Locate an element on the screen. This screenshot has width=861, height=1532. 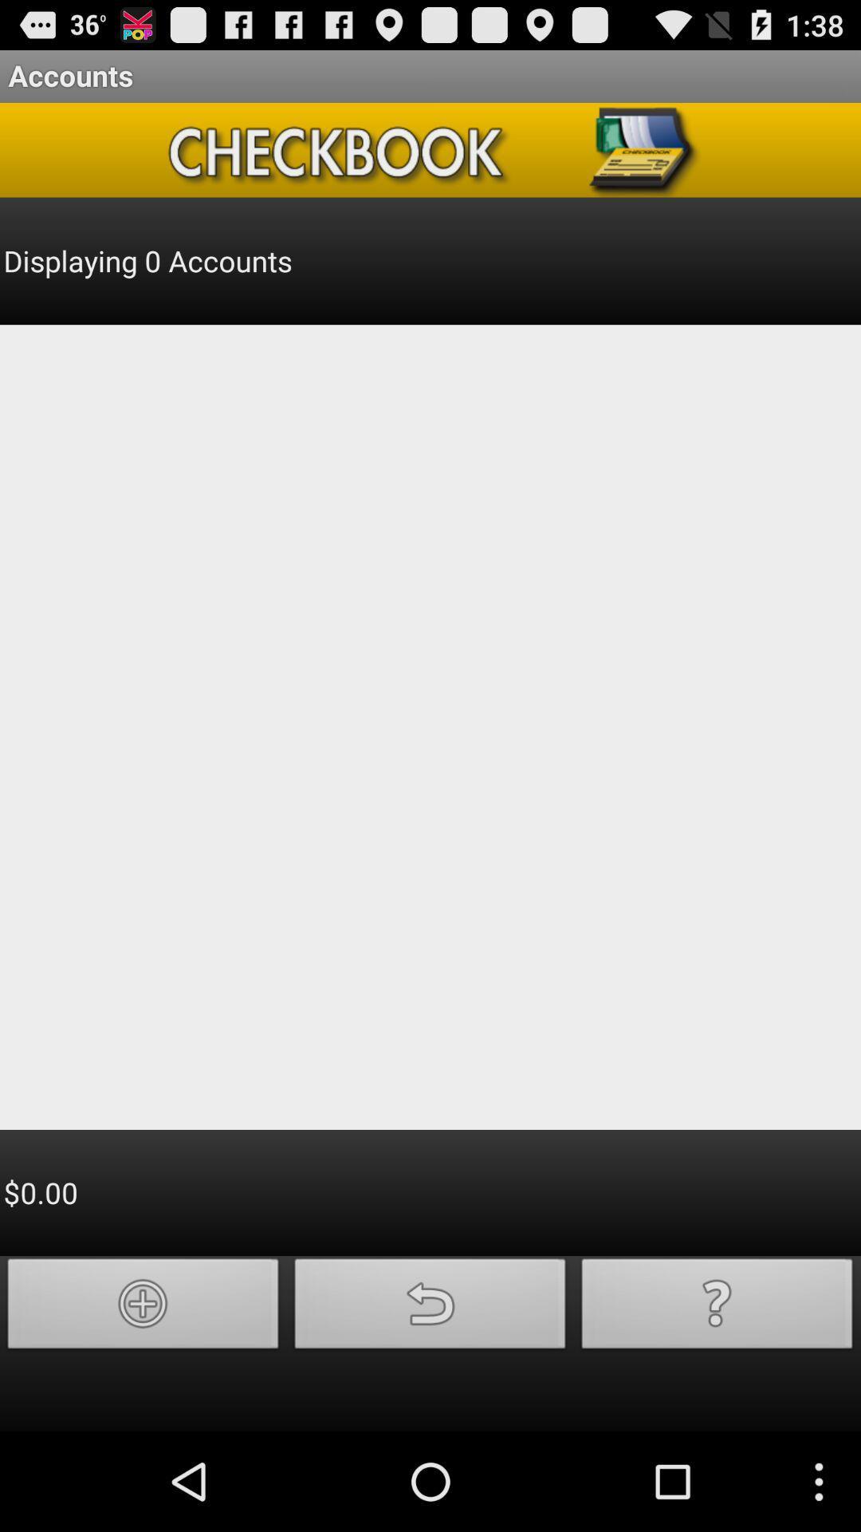
get help is located at coordinates (716, 1308).